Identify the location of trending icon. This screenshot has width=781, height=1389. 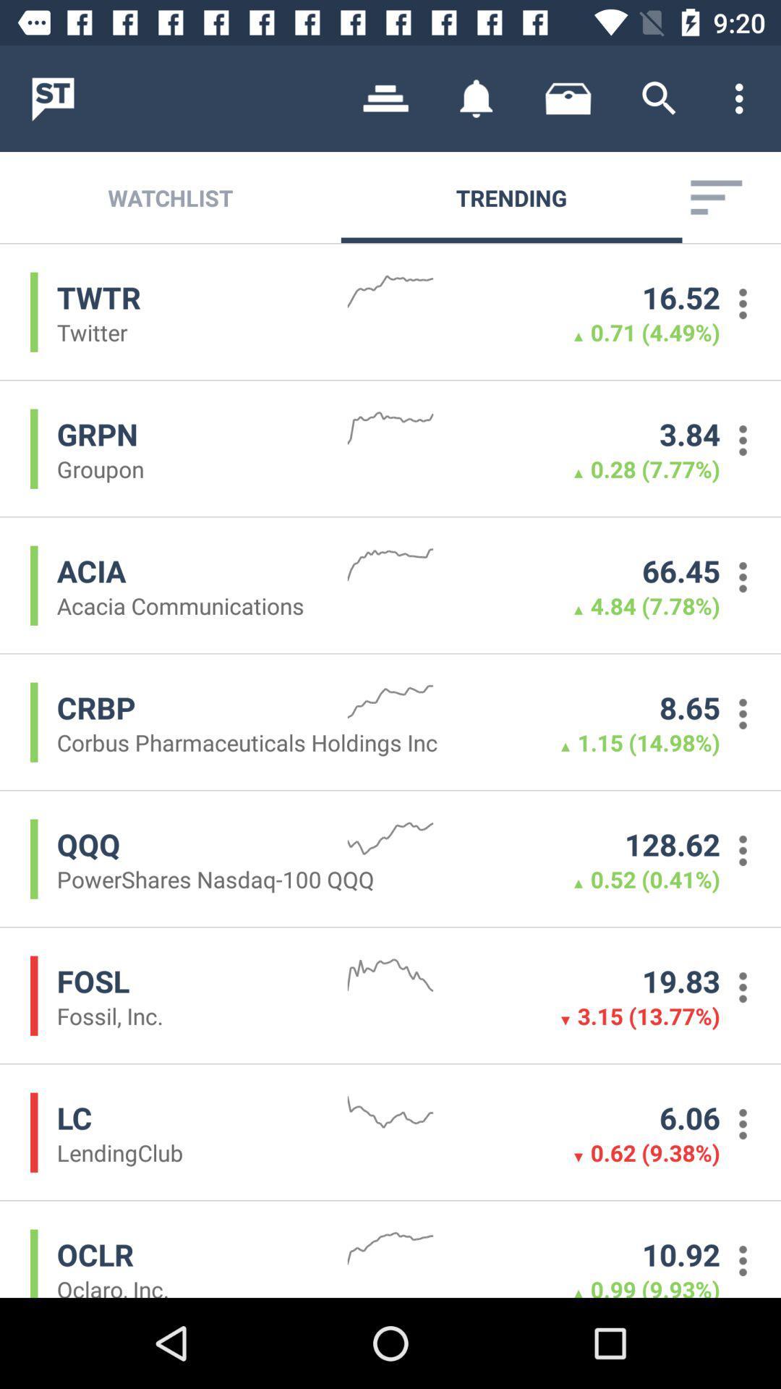
(511, 197).